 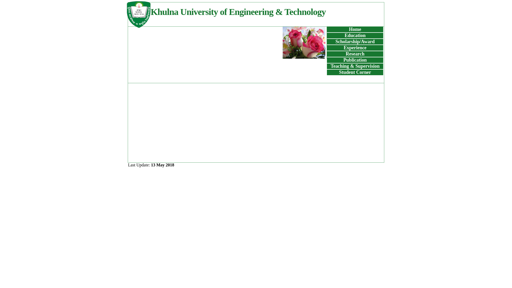 I want to click on 'Education', so click(x=355, y=35).